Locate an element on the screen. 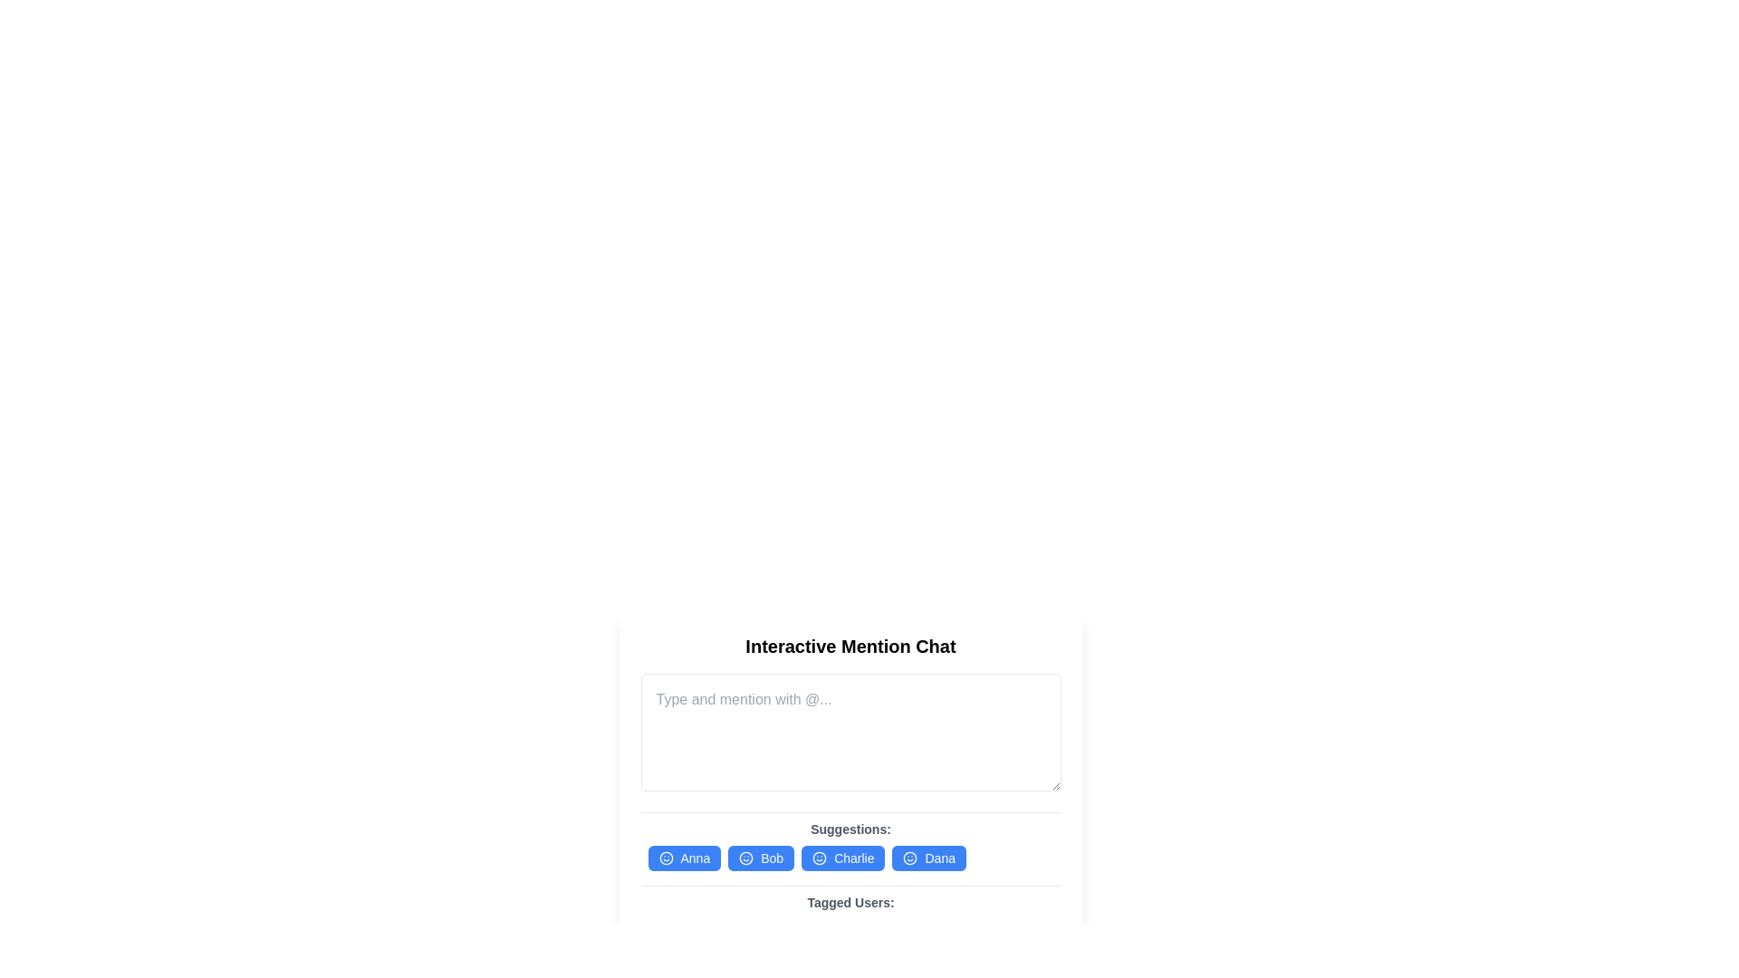 The width and height of the screenshot is (1739, 978). the smile icon located within the 'Charlie' button in the 'Suggestions' section, which symbolizes positivity and friendliness is located at coordinates (819, 858).